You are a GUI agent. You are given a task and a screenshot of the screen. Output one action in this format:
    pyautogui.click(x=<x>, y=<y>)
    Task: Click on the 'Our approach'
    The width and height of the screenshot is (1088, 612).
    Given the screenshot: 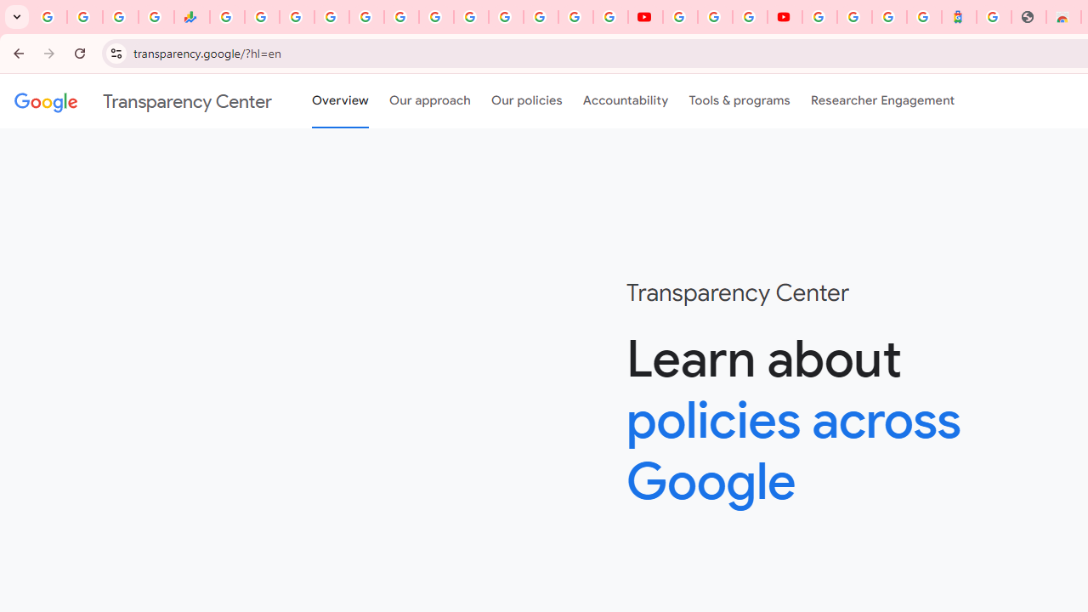 What is the action you would take?
    pyautogui.click(x=430, y=101)
    